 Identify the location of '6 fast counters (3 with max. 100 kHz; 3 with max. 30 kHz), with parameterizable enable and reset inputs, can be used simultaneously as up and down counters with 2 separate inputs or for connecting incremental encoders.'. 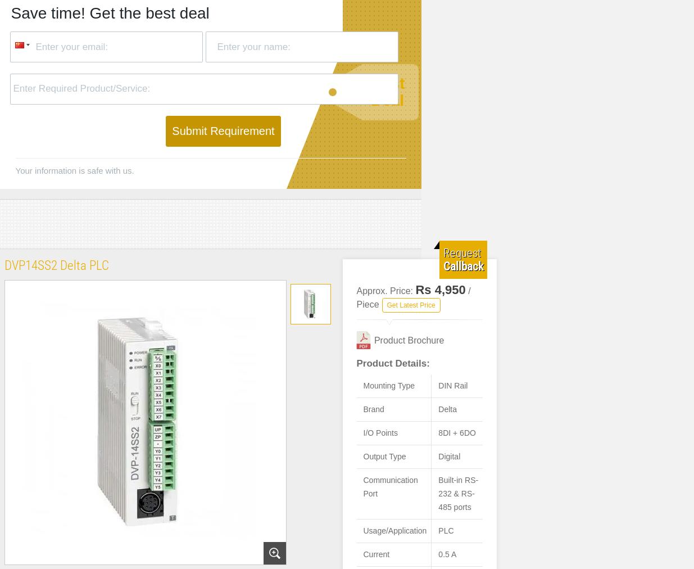
(423, 420).